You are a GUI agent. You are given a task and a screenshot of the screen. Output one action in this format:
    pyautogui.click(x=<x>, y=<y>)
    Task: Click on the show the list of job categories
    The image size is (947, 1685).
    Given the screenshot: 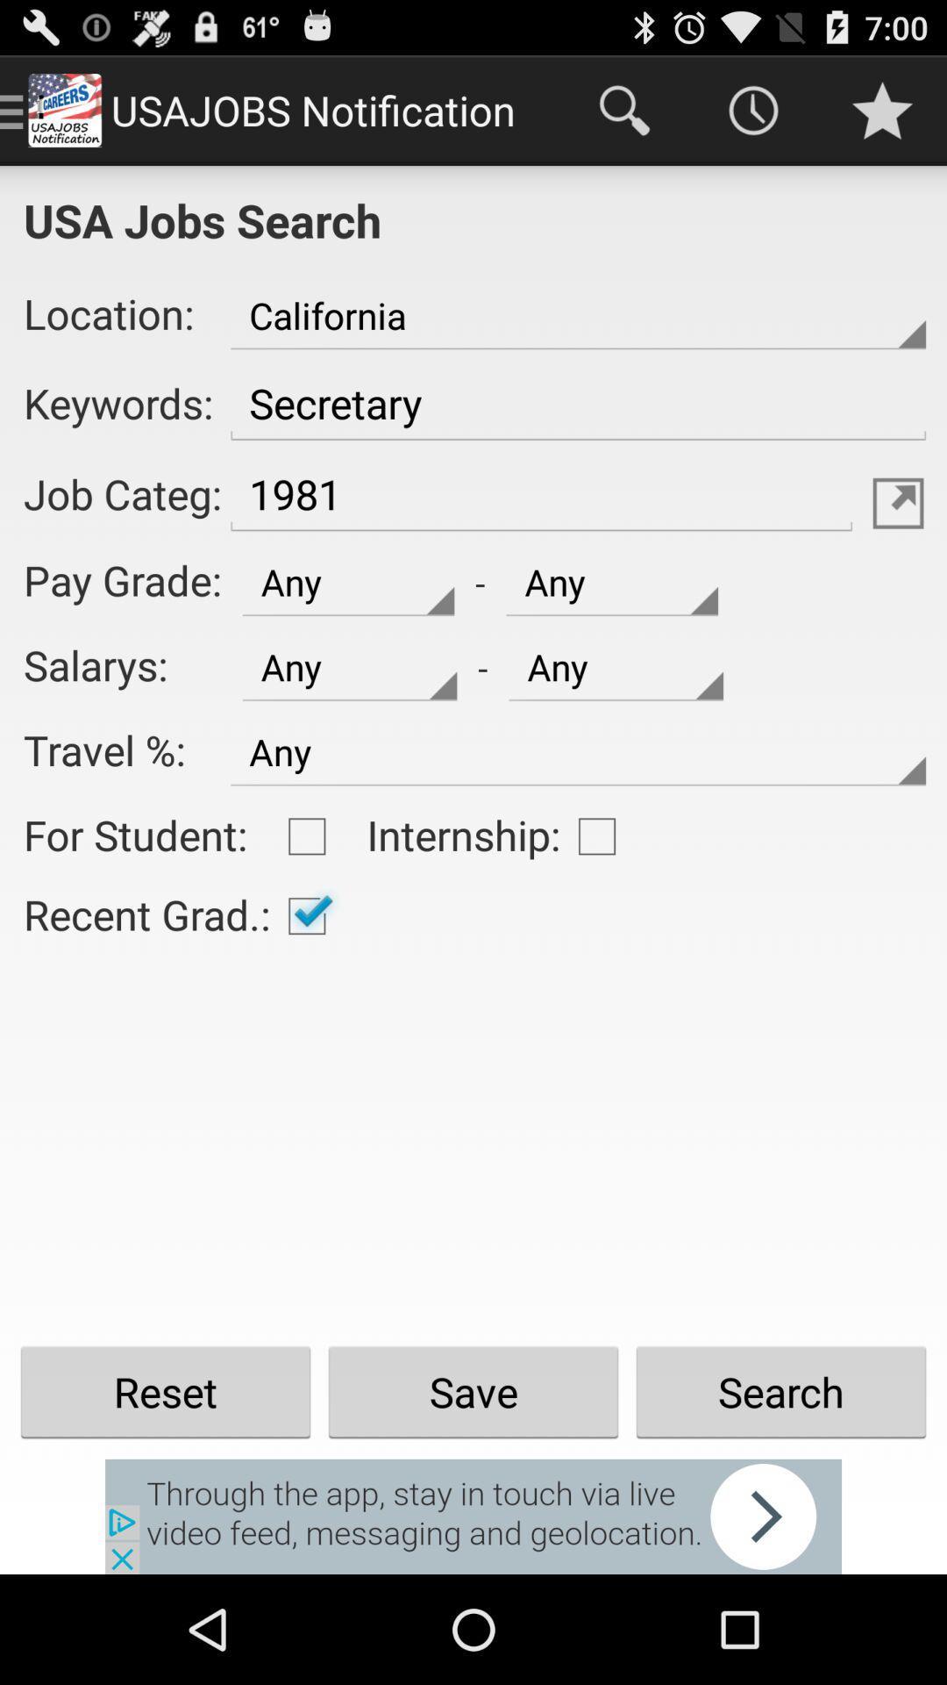 What is the action you would take?
    pyautogui.click(x=898, y=502)
    